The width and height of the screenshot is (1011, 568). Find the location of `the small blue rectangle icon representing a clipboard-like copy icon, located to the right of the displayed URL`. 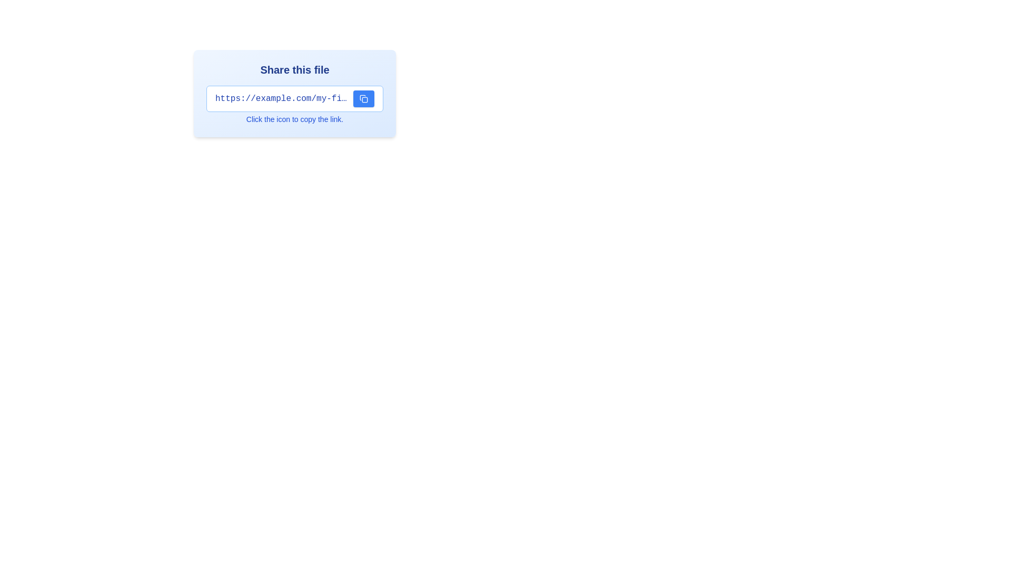

the small blue rectangle icon representing a clipboard-like copy icon, located to the right of the displayed URL is located at coordinates (364, 99).